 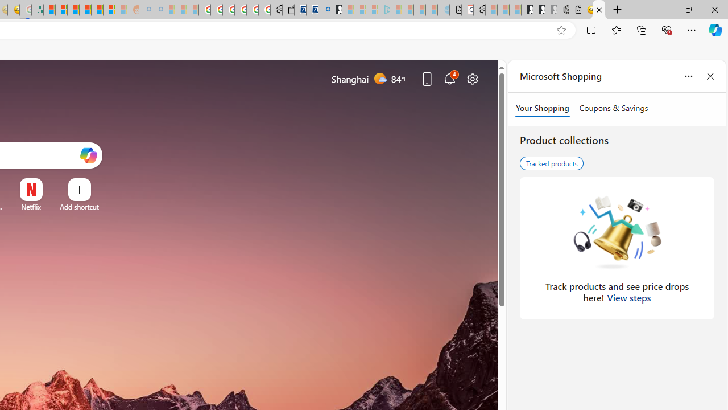 What do you see at coordinates (37, 10) in the screenshot?
I see `'DITOGAMES AG Imprint'` at bounding box center [37, 10].